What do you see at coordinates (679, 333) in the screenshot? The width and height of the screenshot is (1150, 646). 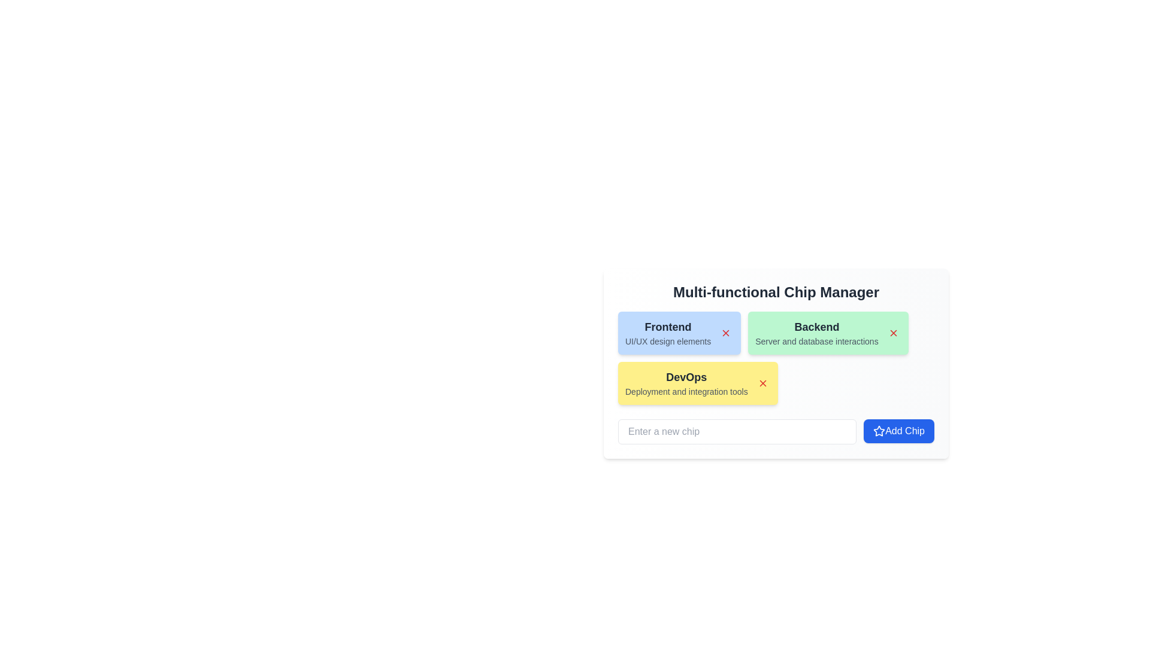 I see `the first chip in the top-left section of the chip group, which includes a delete button for removing the chip` at bounding box center [679, 333].